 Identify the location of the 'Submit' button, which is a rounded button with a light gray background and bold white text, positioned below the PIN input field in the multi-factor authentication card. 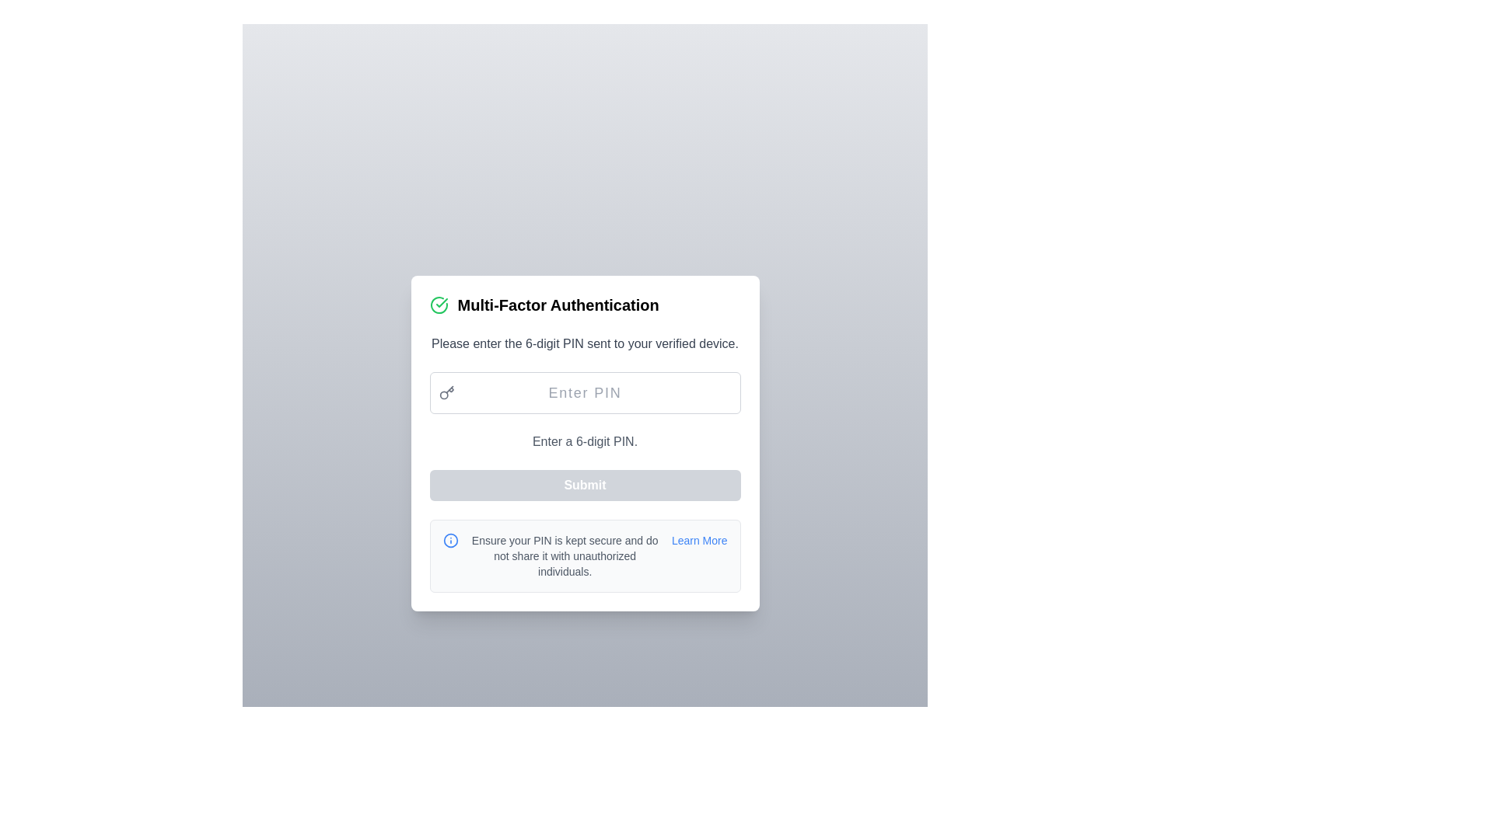
(584, 484).